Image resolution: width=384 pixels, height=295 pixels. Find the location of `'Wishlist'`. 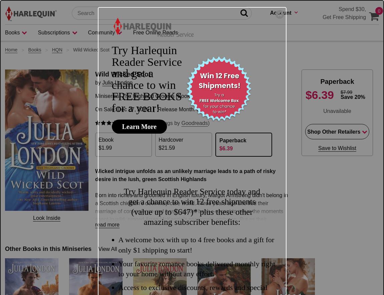

'Wishlist' is located at coordinates (279, 95).